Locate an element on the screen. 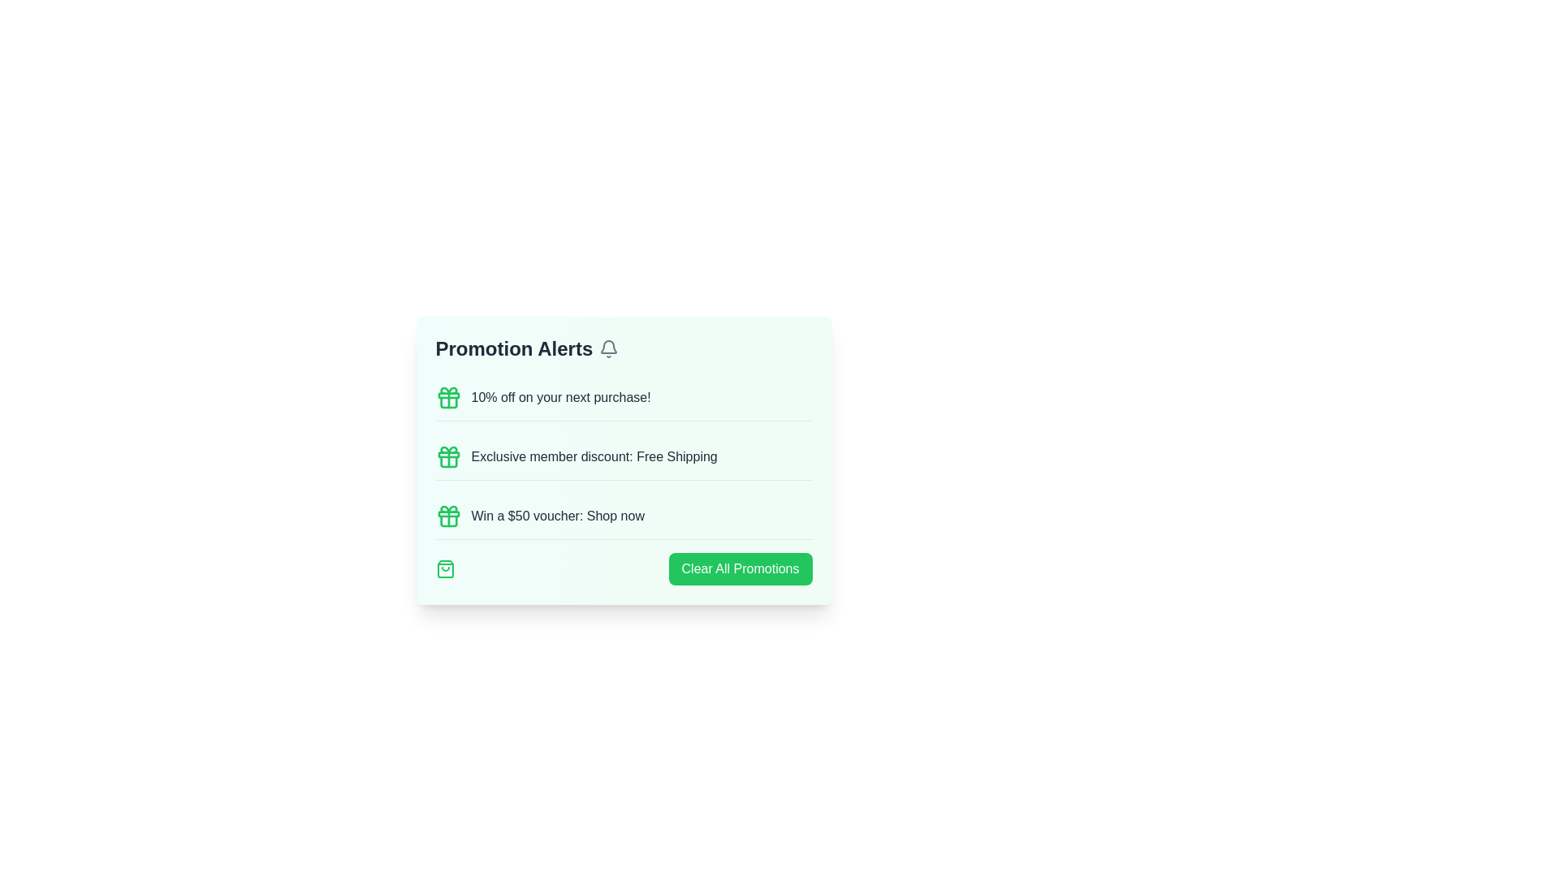 The width and height of the screenshot is (1559, 877). the green gift box icon with rounded edges located at the leftmost side of the row containing the text 'Win a $50 voucher: Shop now' in the promotion alerts section is located at coordinates (448, 516).